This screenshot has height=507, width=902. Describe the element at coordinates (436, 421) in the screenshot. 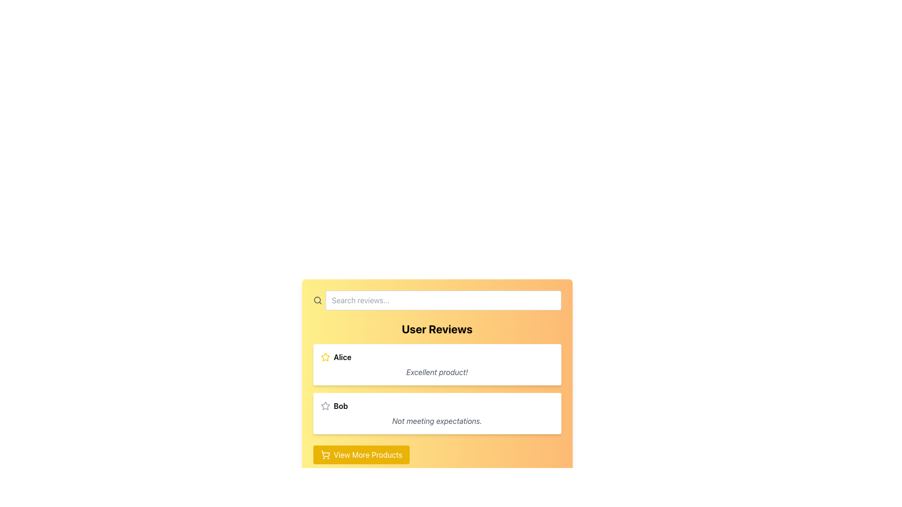

I see `the italicized text element that reads 'Not meeting expectations.' located below the reviewer 'Bob' in the second user review card under 'User Reviews.'` at that location.